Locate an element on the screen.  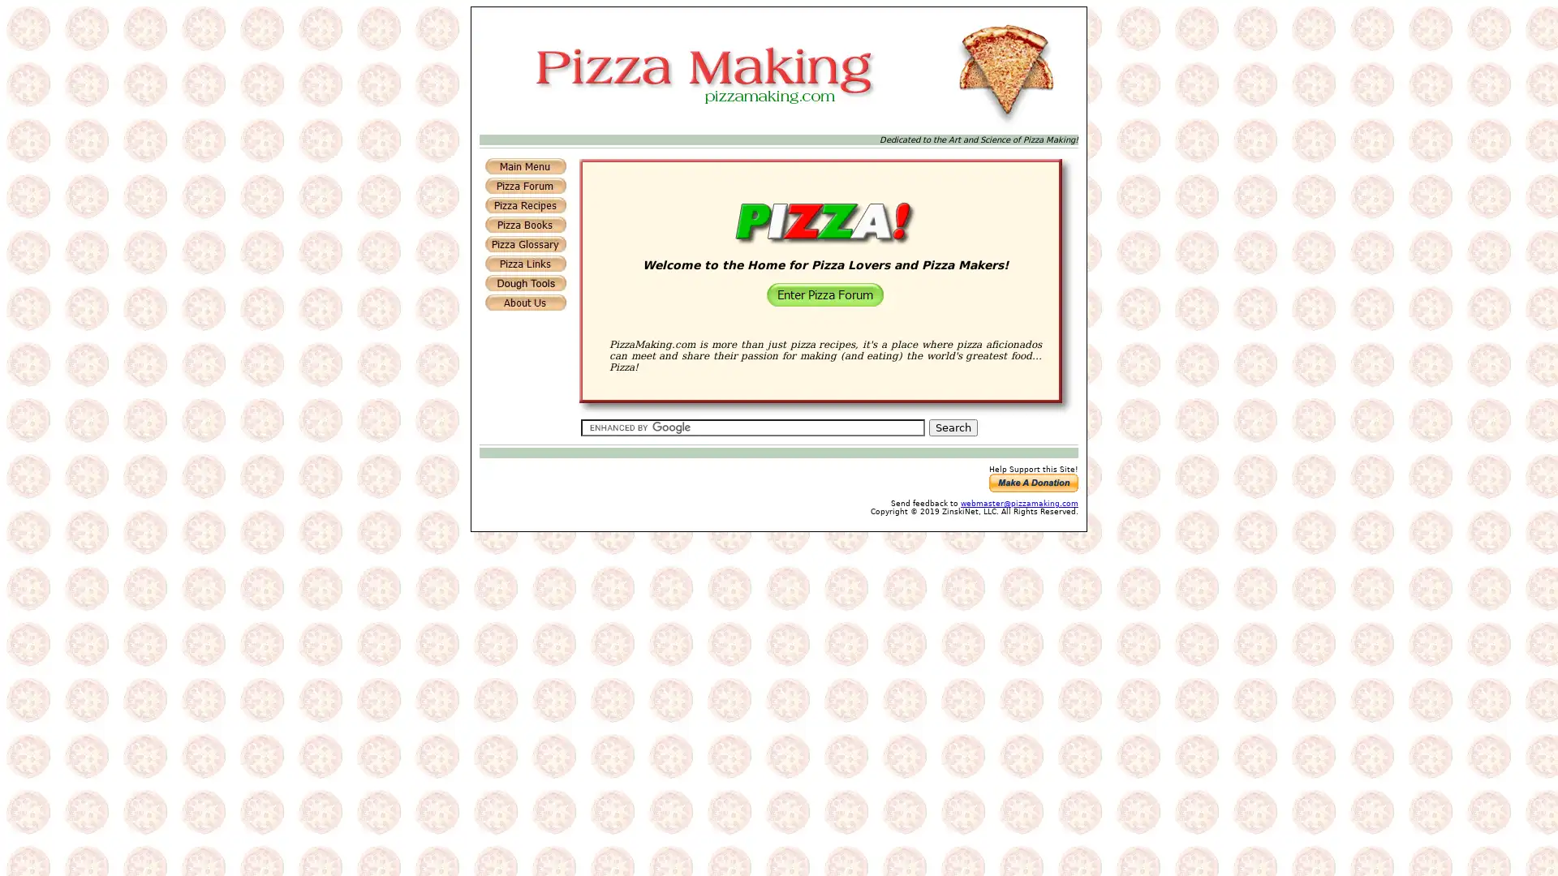
Make payments with PayPal - it\'s fast, free and secure! is located at coordinates (1032, 482).